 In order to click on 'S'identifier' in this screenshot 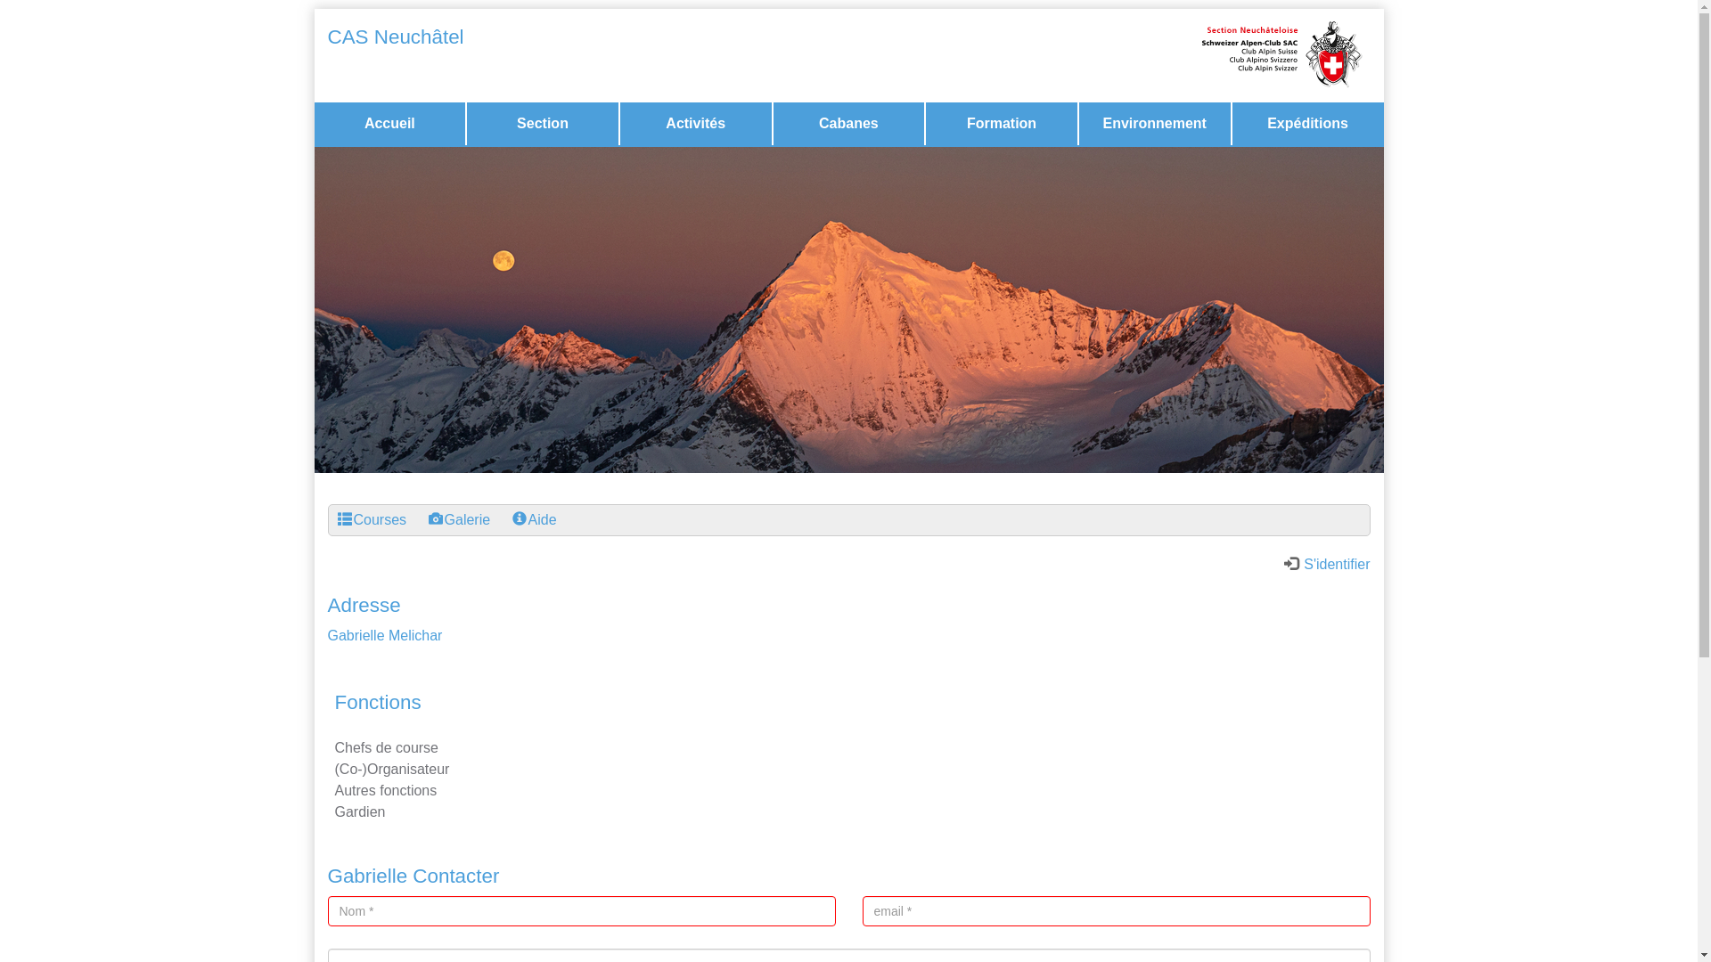, I will do `click(1327, 564)`.